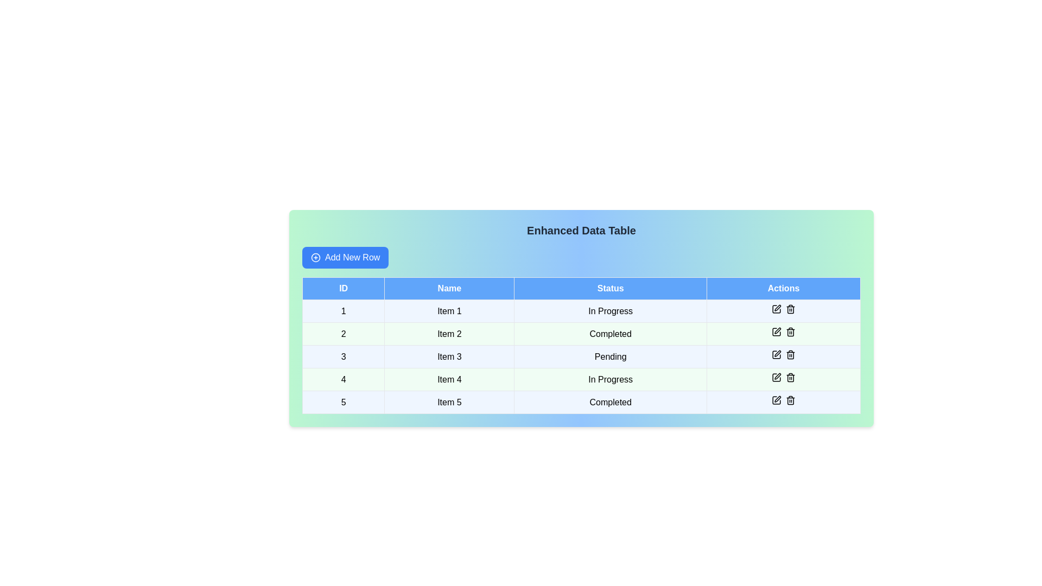 This screenshot has width=1042, height=586. What do you see at coordinates (449, 402) in the screenshot?
I see `the table cell displaying the name of the item in the fifth row, located in the 'Name' column between the cells showing '5' and 'Completed'` at bounding box center [449, 402].